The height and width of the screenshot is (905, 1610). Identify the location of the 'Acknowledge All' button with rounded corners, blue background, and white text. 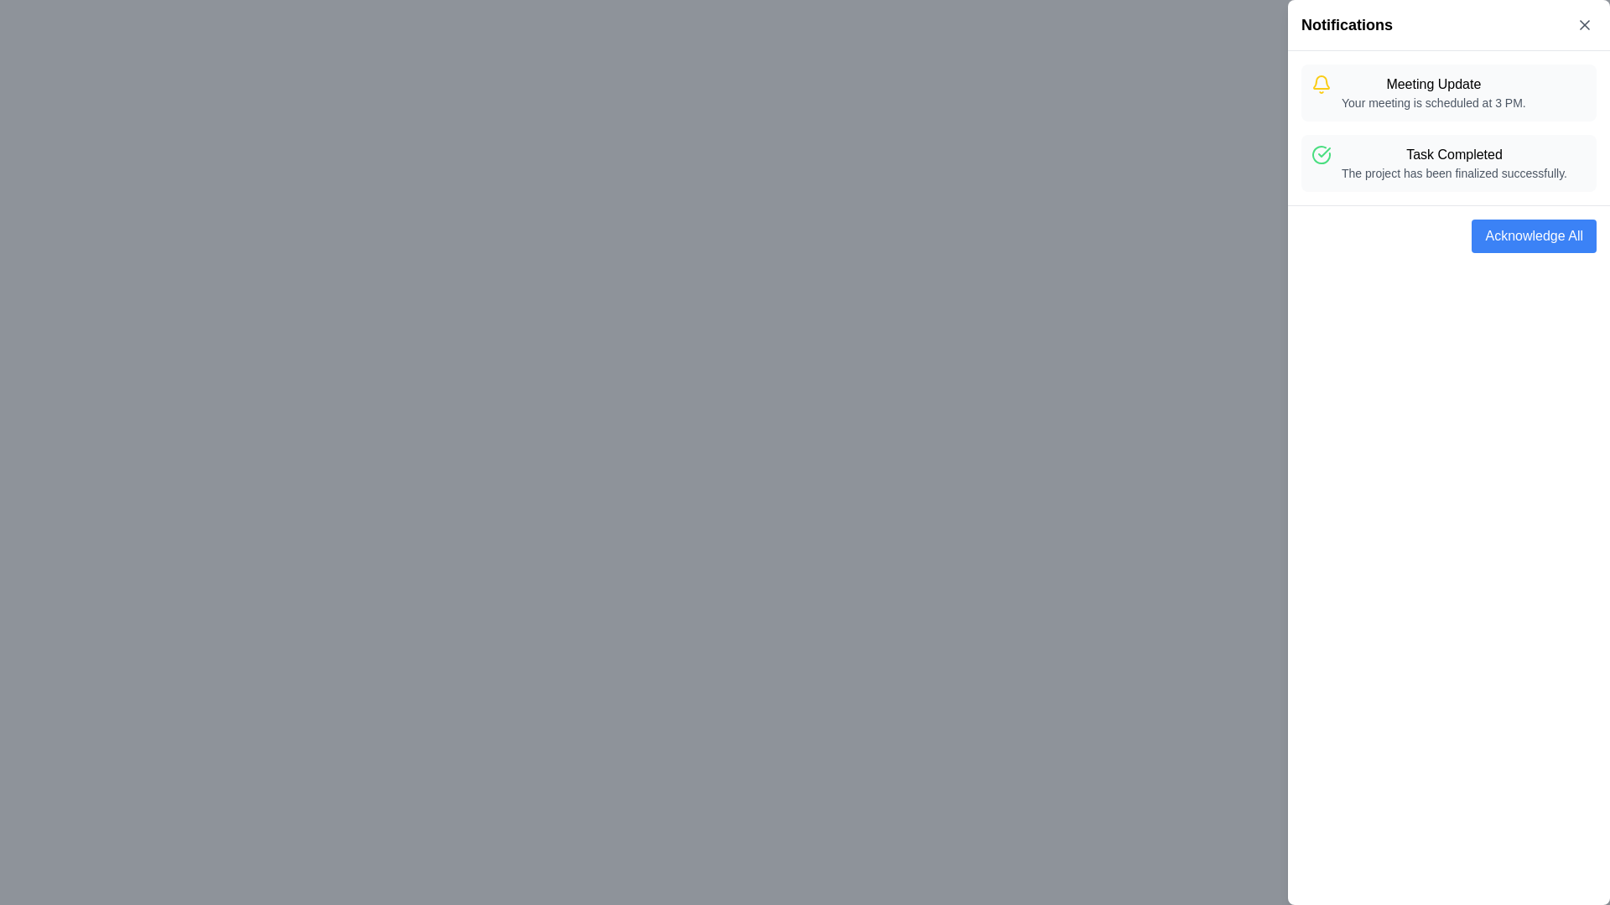
(1534, 235).